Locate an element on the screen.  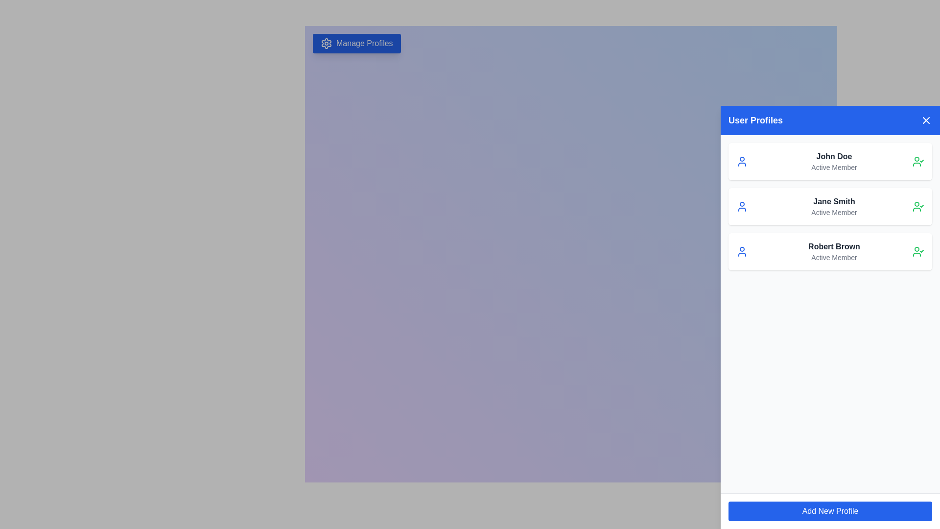
the green confirmation icon representing a person with a check mark, located at the end of the list item row labeled 'Jane Smith Active Member.' is located at coordinates (918, 206).